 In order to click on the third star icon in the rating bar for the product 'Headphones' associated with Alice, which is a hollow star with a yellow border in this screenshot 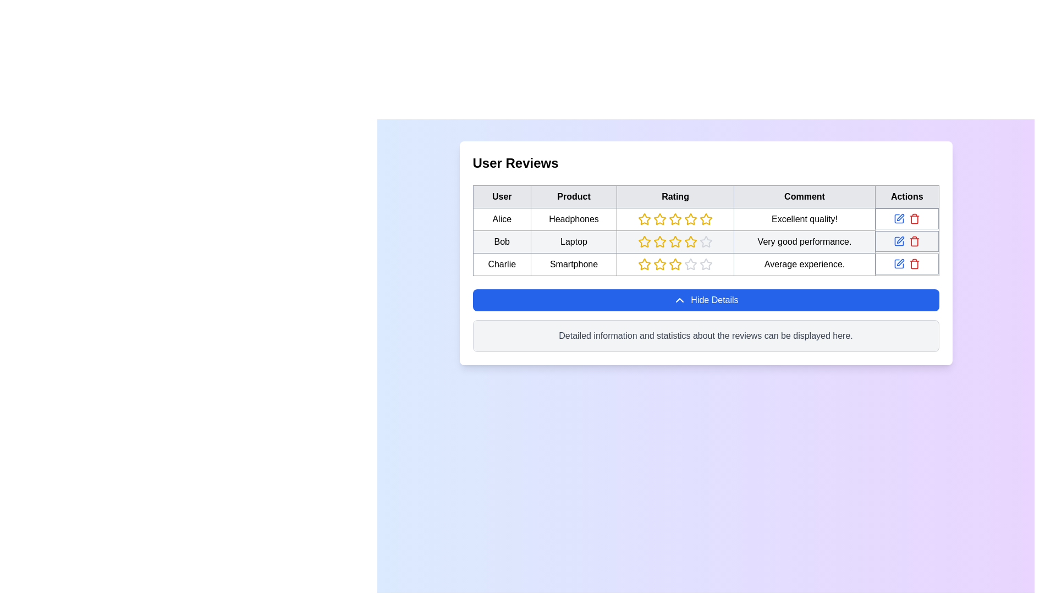, I will do `click(706, 219)`.